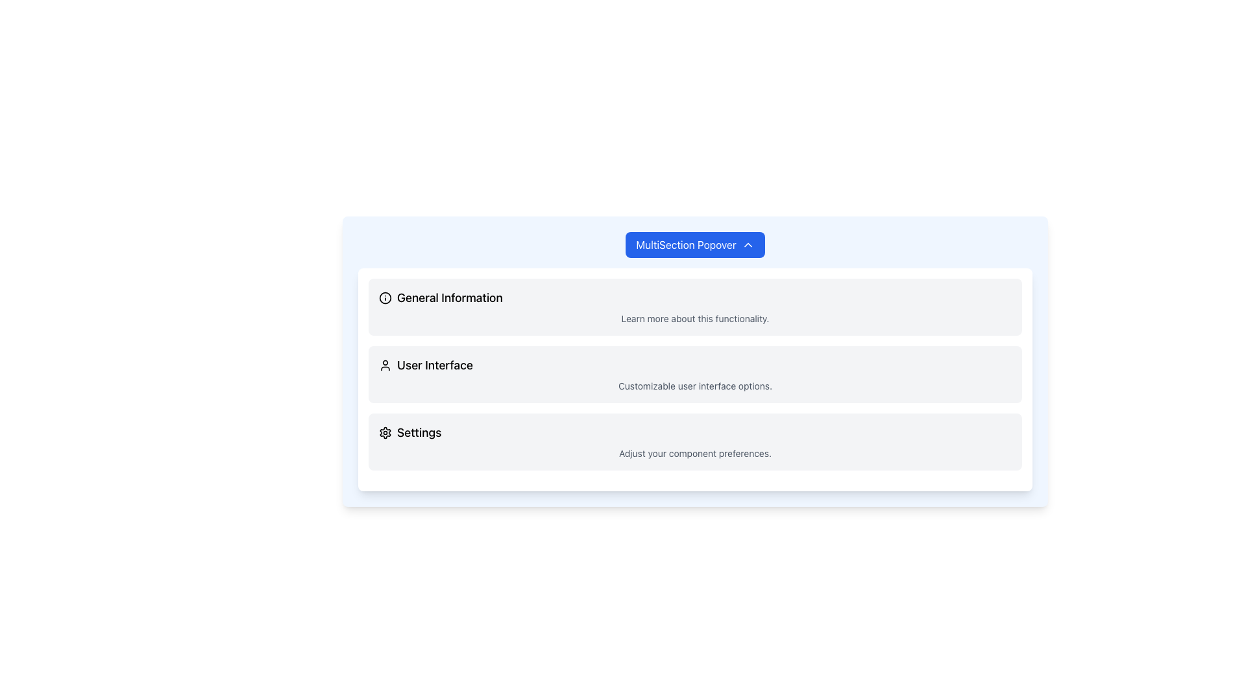  What do you see at coordinates (385, 297) in the screenshot?
I see `the information icon that precedes the 'General Information' text in the first section of the list, which serves as an indicator for introductory content` at bounding box center [385, 297].